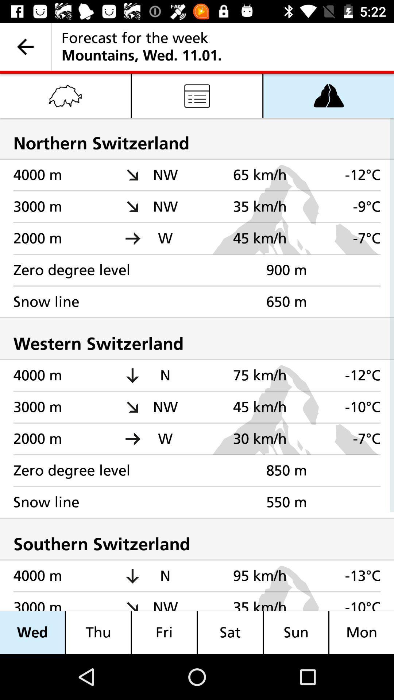 This screenshot has width=394, height=700. What do you see at coordinates (329, 95) in the screenshot?
I see `the warning icon` at bounding box center [329, 95].